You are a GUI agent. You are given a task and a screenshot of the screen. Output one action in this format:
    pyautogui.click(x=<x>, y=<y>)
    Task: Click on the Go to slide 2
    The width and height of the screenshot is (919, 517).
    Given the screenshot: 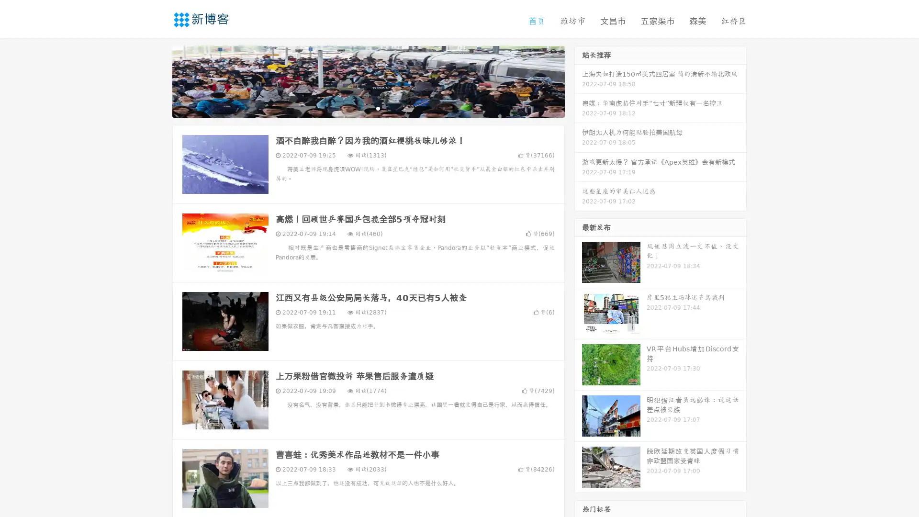 What is the action you would take?
    pyautogui.click(x=368, y=108)
    